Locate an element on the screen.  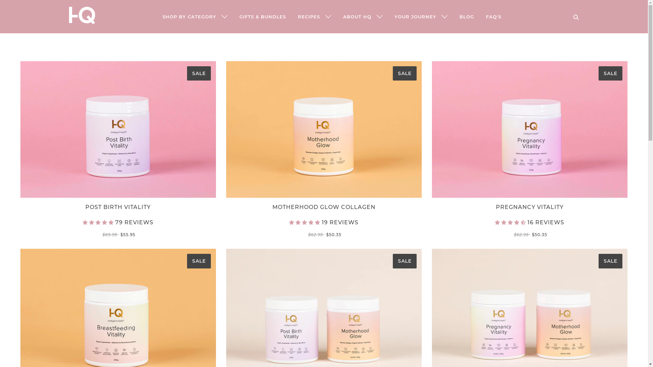
'SHOP BY CATEGORY' is located at coordinates (156, 16).